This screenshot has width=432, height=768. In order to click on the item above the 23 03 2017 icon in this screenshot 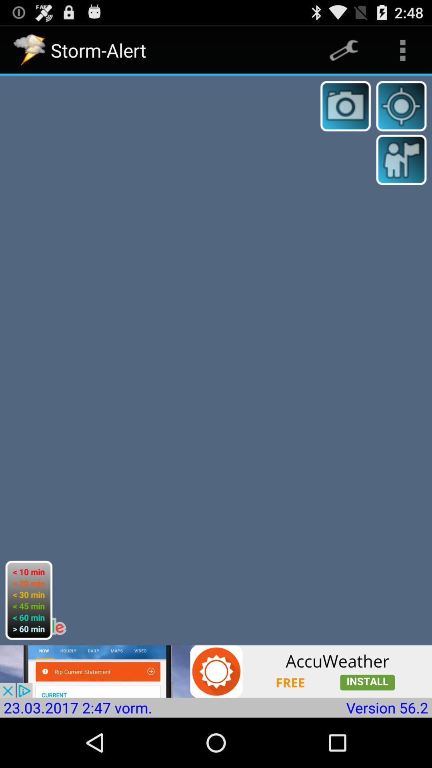, I will do `click(216, 671)`.